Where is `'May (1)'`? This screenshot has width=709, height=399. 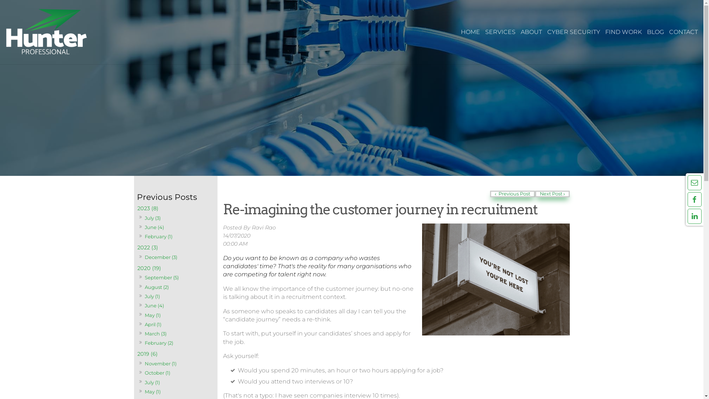 'May (1)' is located at coordinates (152, 315).